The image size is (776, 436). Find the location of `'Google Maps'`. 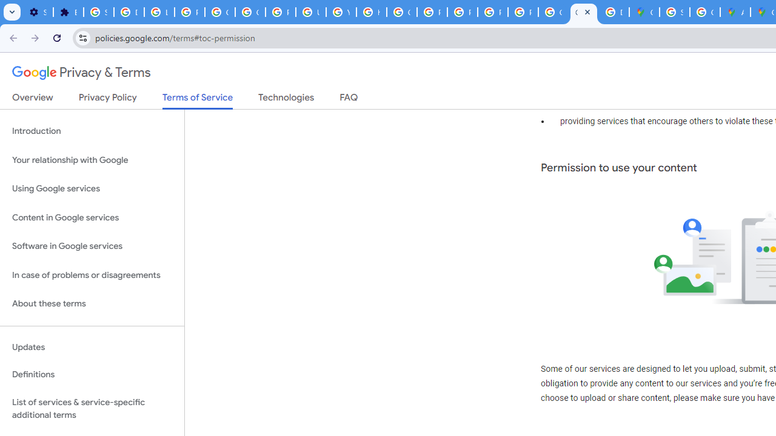

'Google Maps' is located at coordinates (644, 12).